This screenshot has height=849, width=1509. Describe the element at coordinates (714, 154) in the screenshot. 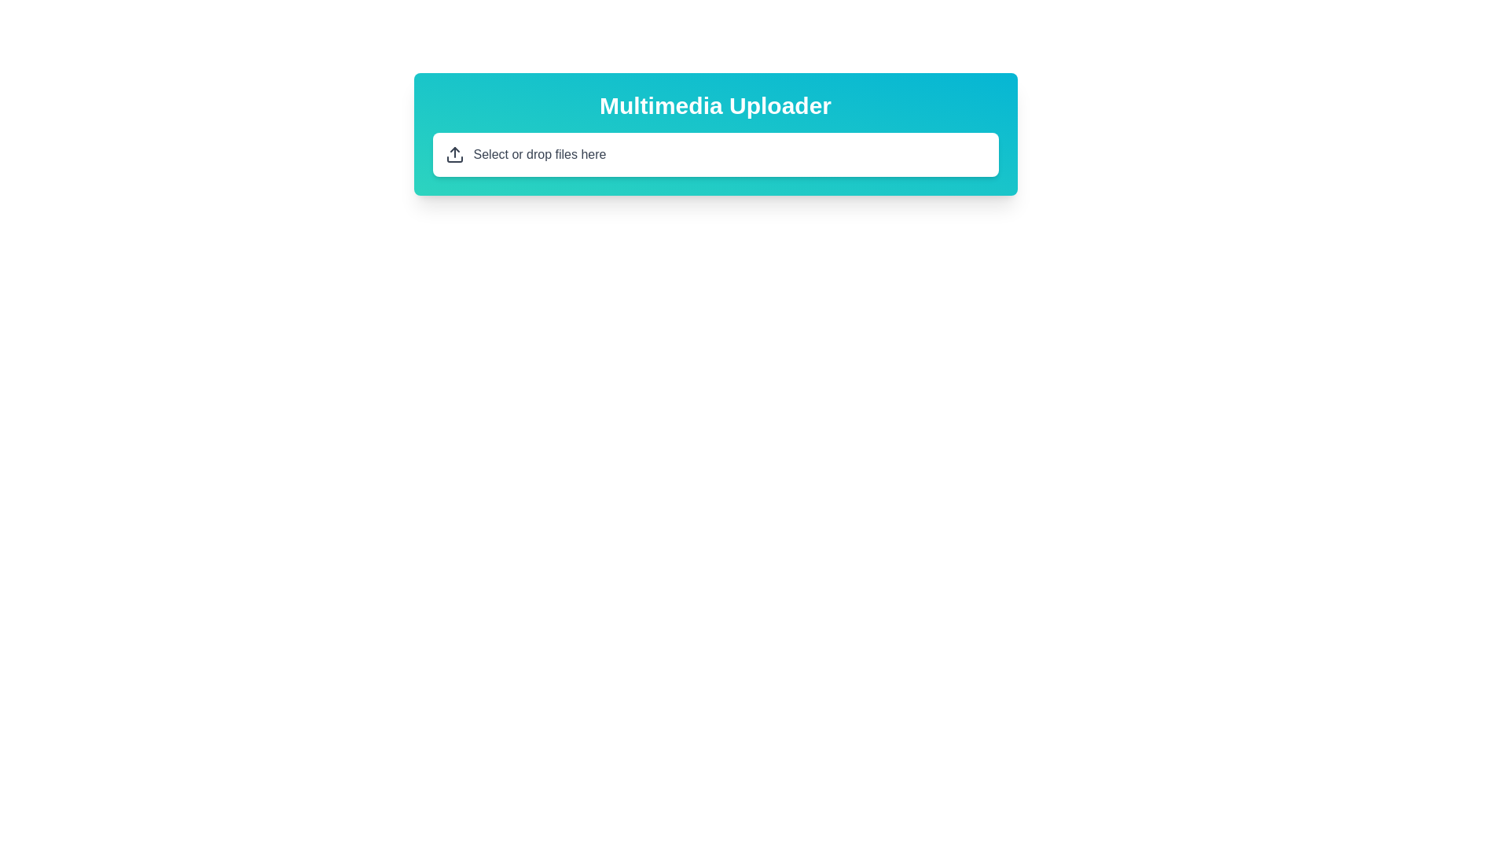

I see `the Interactive file upload trigger located at the center of the white rounded rectangle within the turquoise panel labeled 'Multimedia Uploader'` at that location.